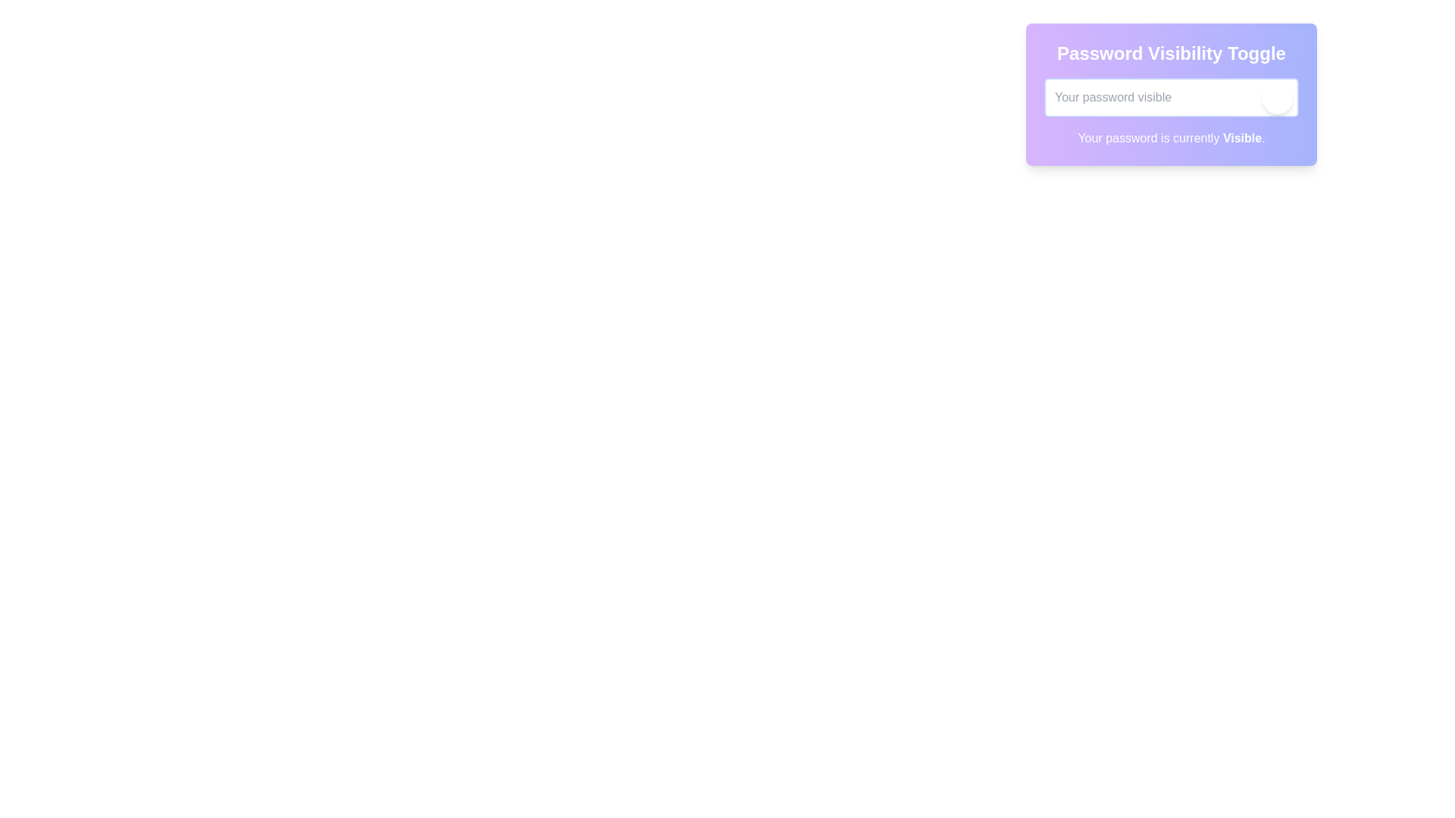  What do you see at coordinates (1170, 97) in the screenshot?
I see `the password input field to focus it for text editing` at bounding box center [1170, 97].